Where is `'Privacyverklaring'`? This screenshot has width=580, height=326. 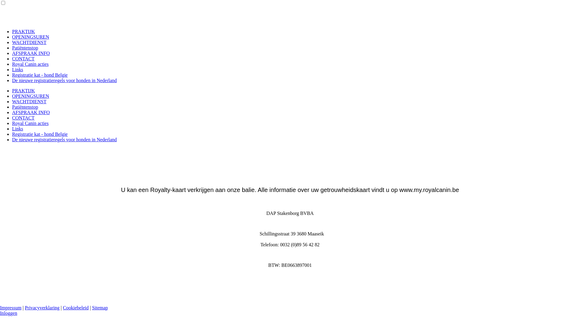 'Privacyverklaring' is located at coordinates (42, 308).